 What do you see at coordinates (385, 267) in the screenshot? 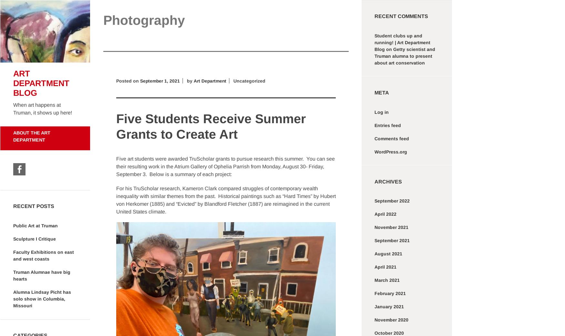
I see `'April 2021'` at bounding box center [385, 267].